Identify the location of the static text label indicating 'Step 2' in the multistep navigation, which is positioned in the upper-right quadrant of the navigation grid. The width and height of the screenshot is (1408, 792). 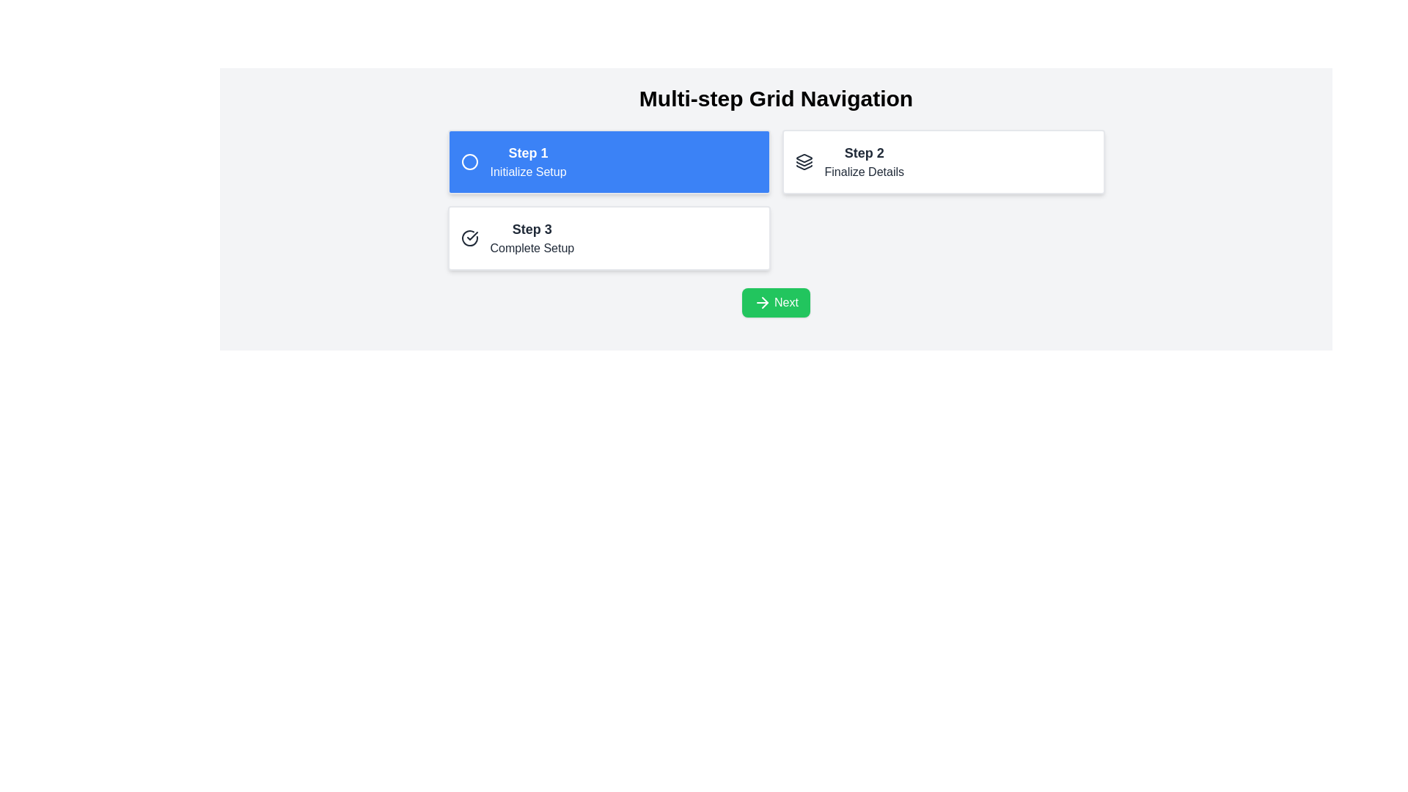
(864, 172).